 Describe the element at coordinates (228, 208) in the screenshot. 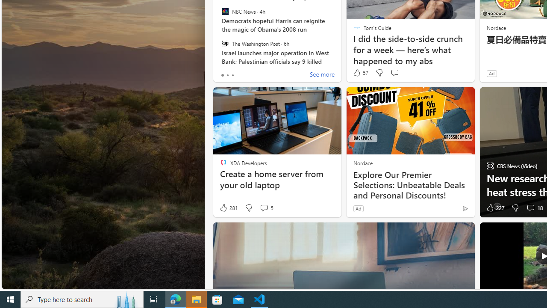

I see `'281 Like'` at that location.